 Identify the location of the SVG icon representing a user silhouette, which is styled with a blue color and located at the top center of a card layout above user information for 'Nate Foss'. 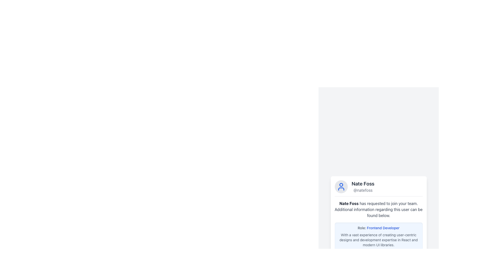
(341, 186).